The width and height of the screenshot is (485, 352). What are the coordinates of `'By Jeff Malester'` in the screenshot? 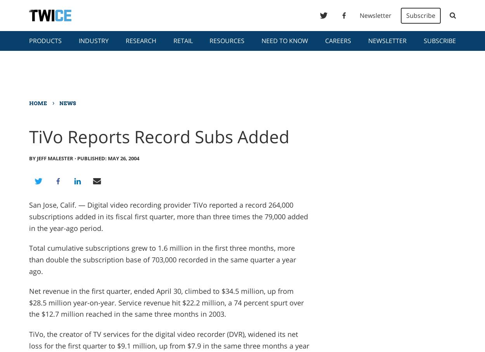 It's located at (28, 158).